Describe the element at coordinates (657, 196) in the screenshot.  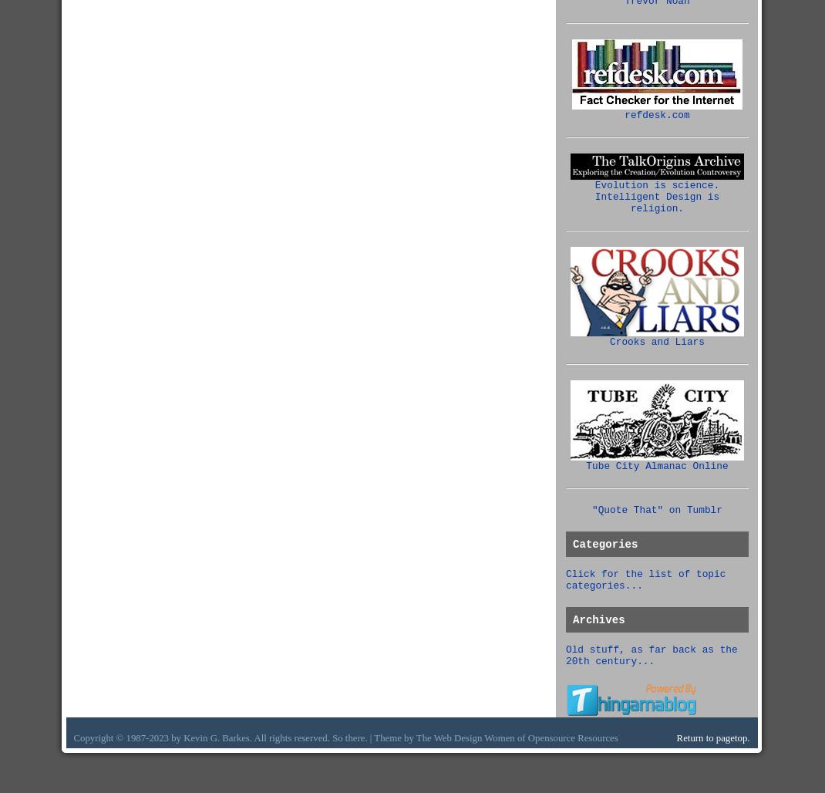
I see `'Evolution is science. Intelligent Design is religion.'` at that location.